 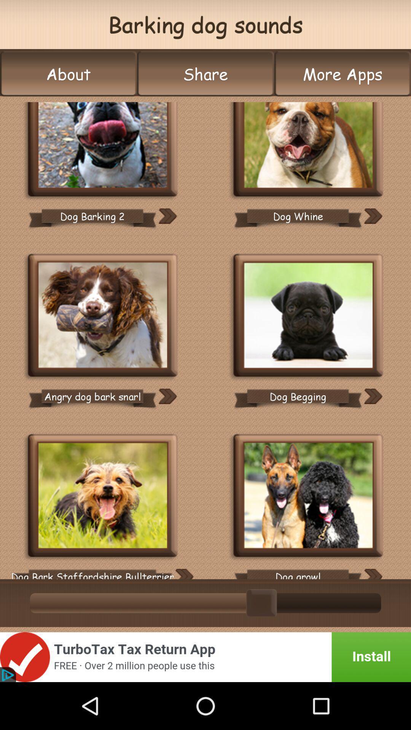 What do you see at coordinates (308, 150) in the screenshot?
I see `click the dog whine app` at bounding box center [308, 150].